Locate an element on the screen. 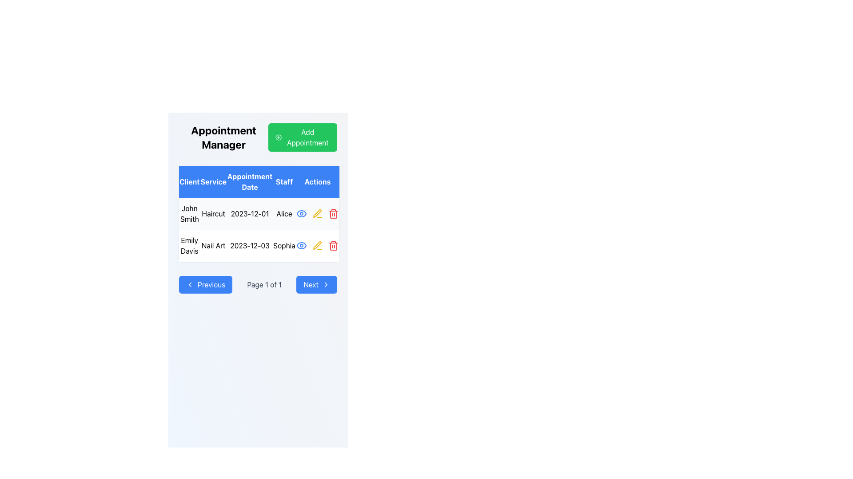 The image size is (853, 479). the text label displaying 'Haircut' in black font, located in the 'Service' column of the first row in a table layout, between 'John Smith' and '2023-12-01' is located at coordinates (213, 214).